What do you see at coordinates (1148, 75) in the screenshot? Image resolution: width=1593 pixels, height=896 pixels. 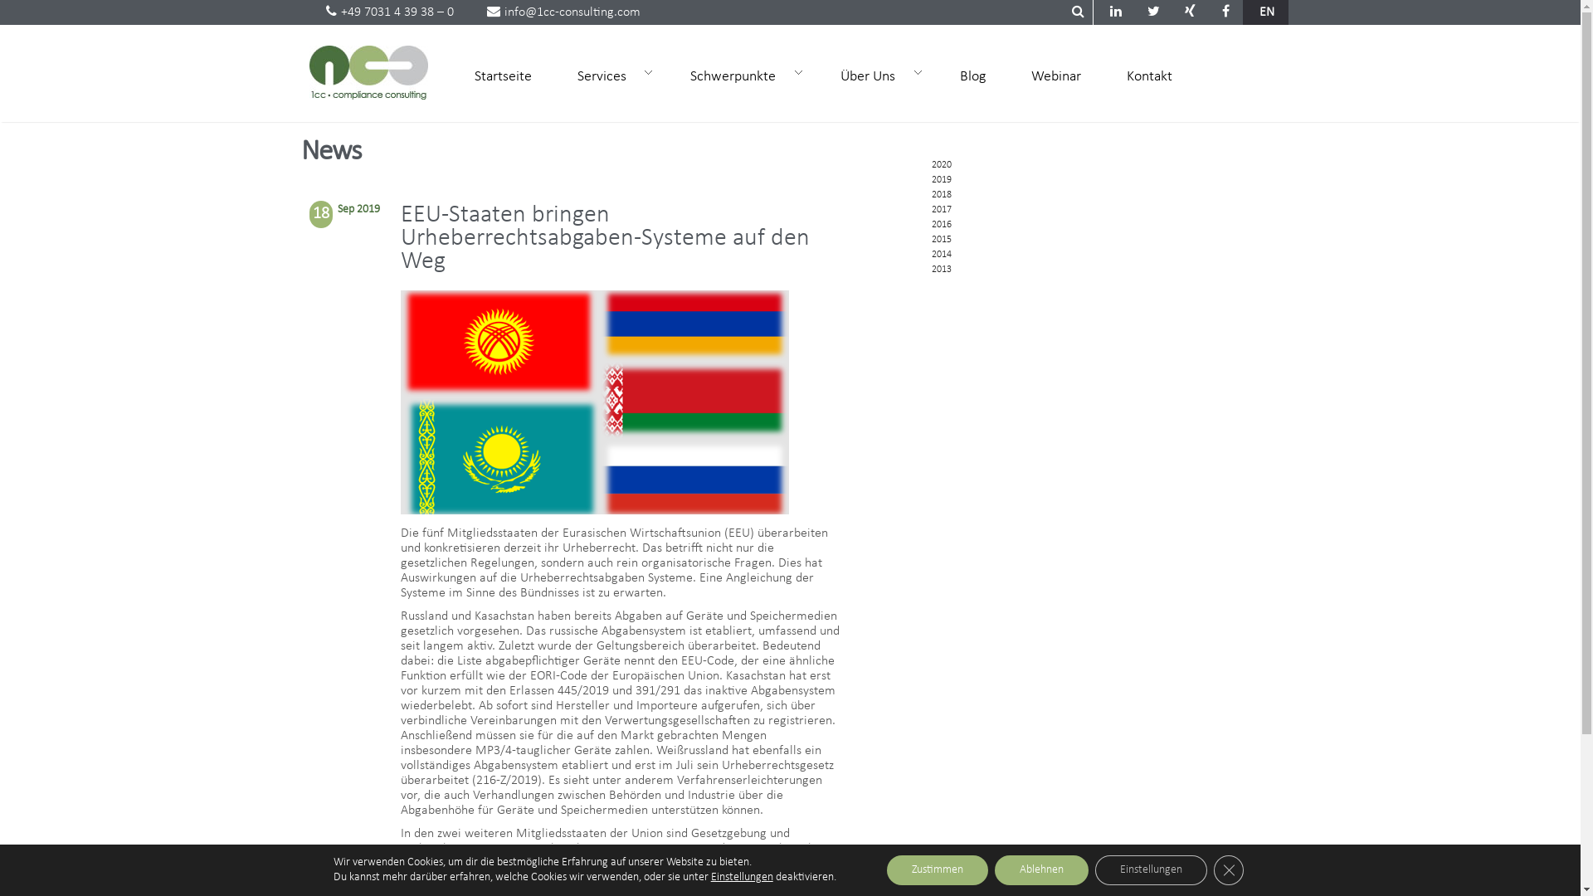 I see `'Kontakt'` at bounding box center [1148, 75].